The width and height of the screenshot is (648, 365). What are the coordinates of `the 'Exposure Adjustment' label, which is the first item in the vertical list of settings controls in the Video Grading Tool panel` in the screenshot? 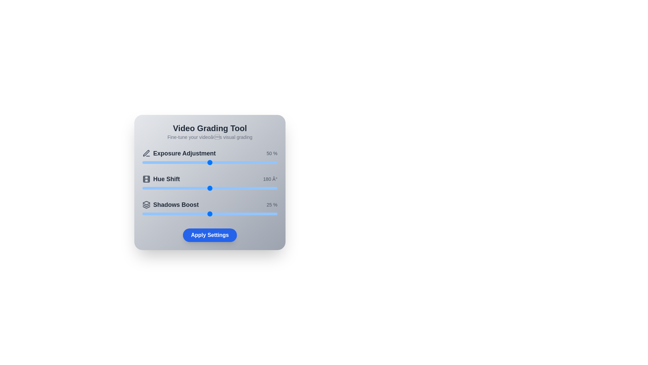 It's located at (184, 153).